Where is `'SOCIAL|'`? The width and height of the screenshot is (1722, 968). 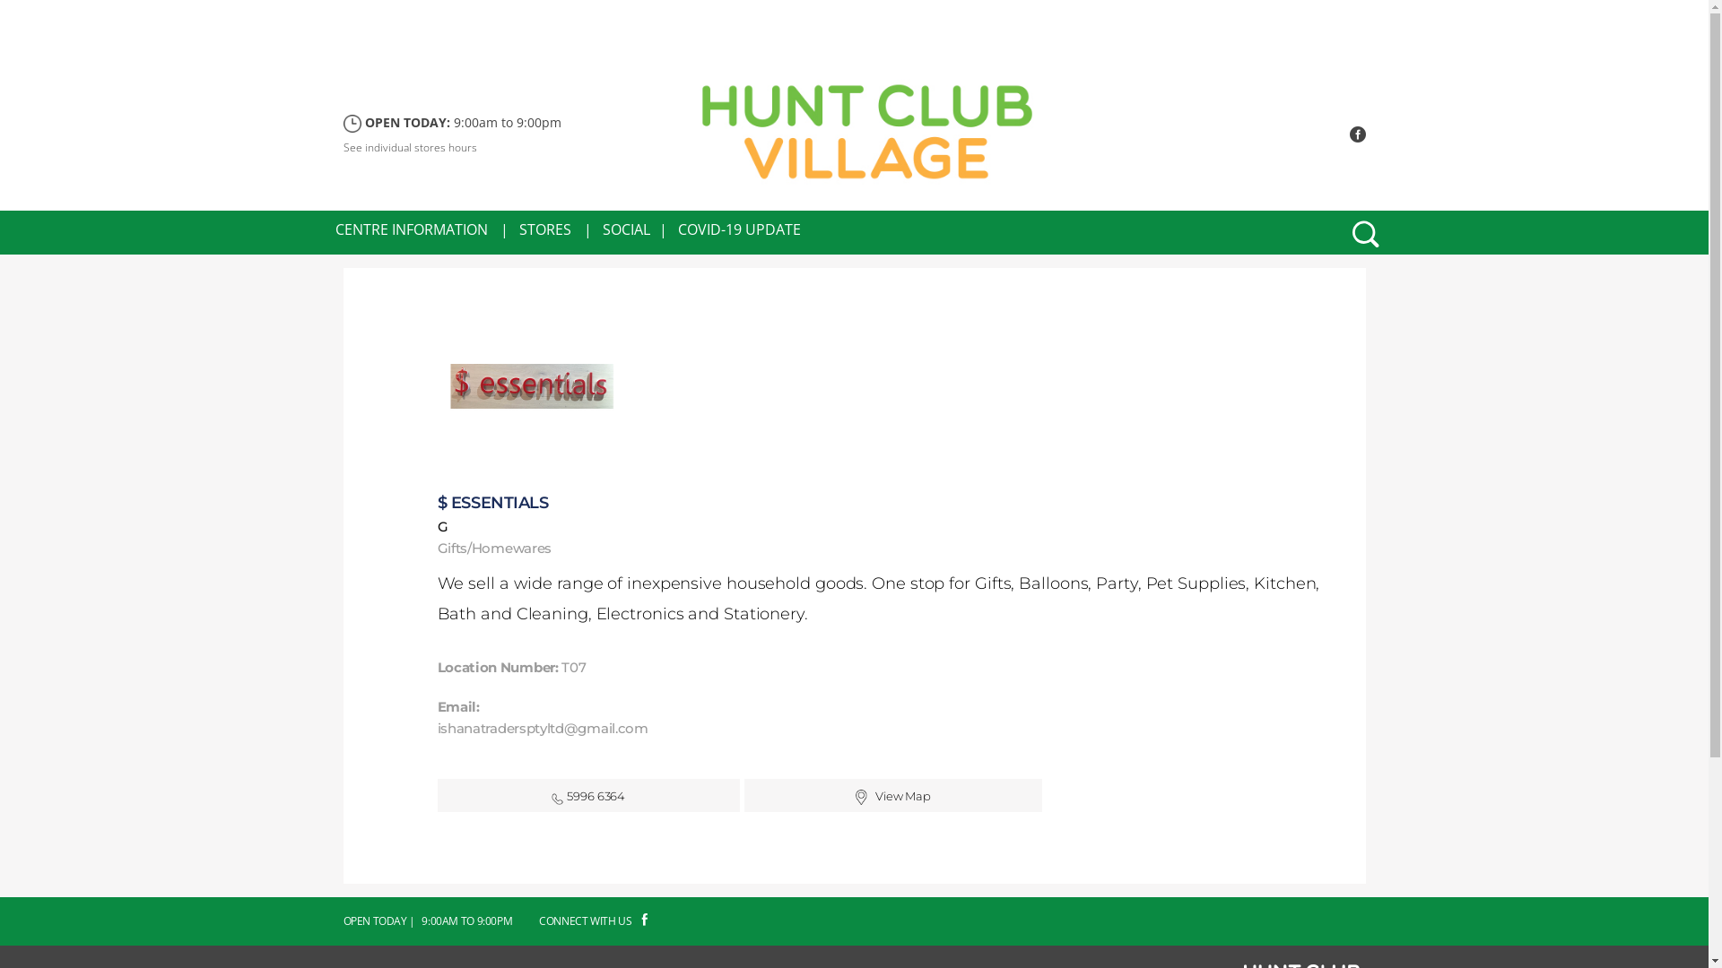 'SOCIAL|' is located at coordinates (635, 228).